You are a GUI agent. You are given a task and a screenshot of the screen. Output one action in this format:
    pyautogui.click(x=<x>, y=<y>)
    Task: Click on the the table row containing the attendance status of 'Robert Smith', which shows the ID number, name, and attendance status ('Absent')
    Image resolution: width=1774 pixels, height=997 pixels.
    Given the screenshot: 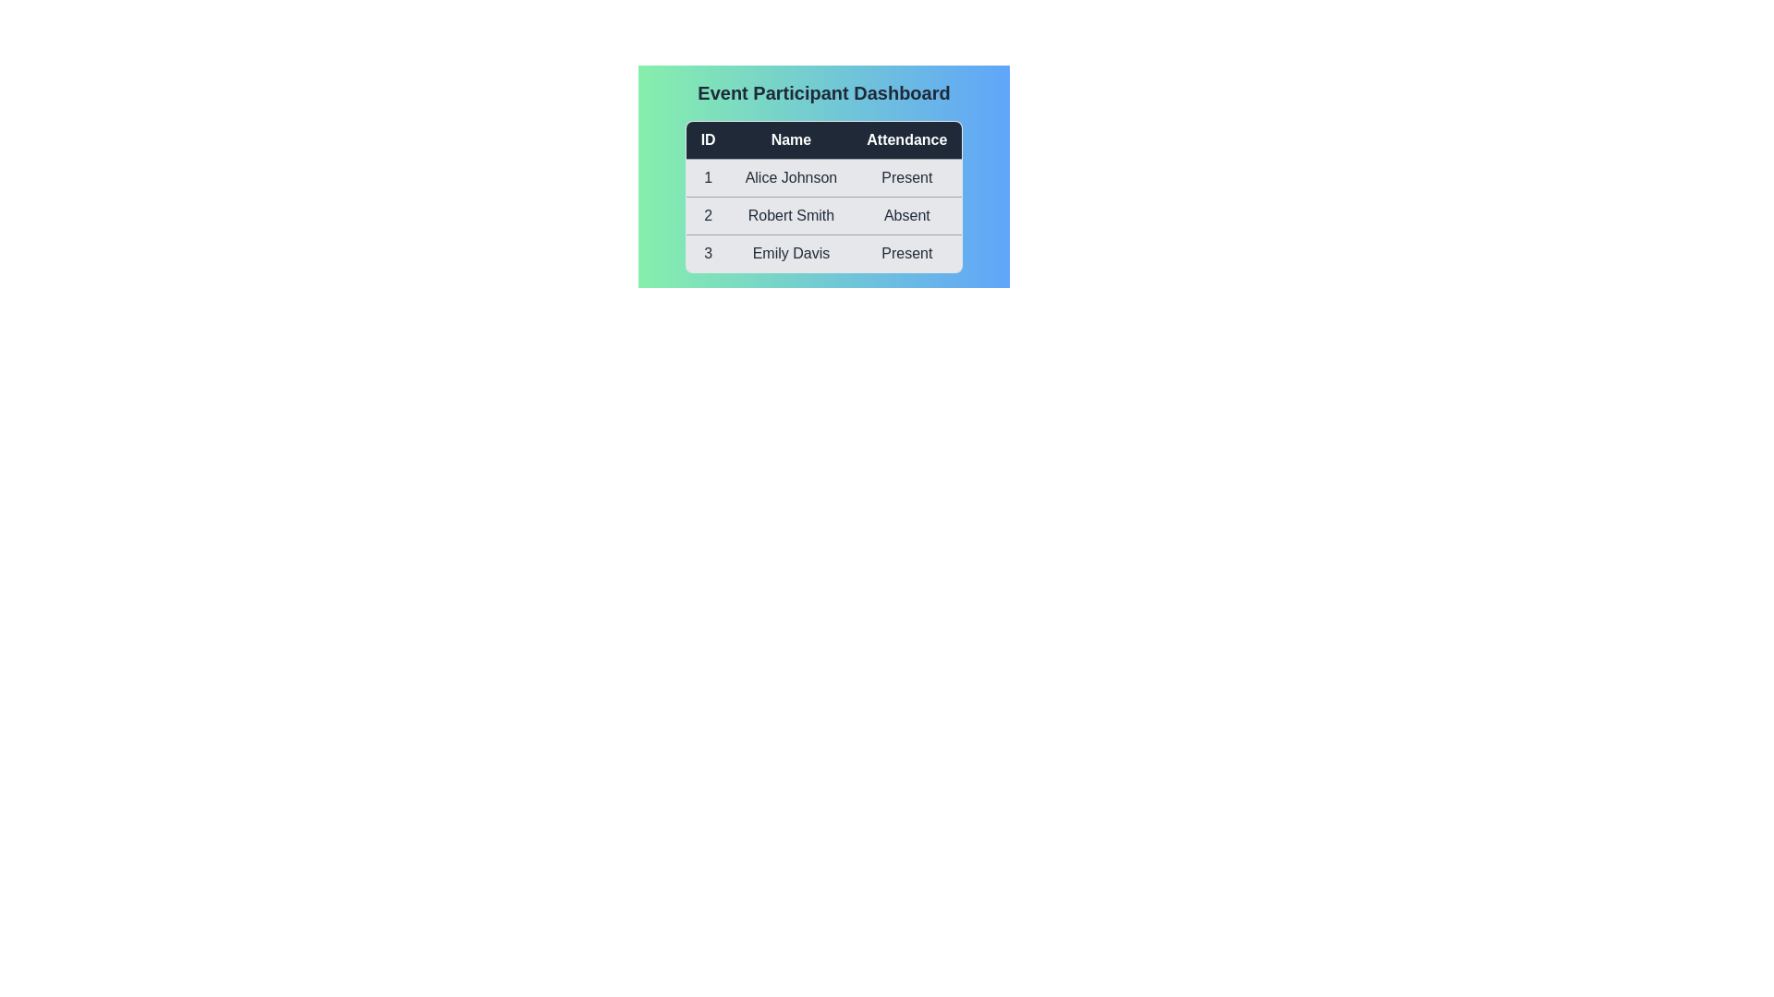 What is the action you would take?
    pyautogui.click(x=823, y=215)
    